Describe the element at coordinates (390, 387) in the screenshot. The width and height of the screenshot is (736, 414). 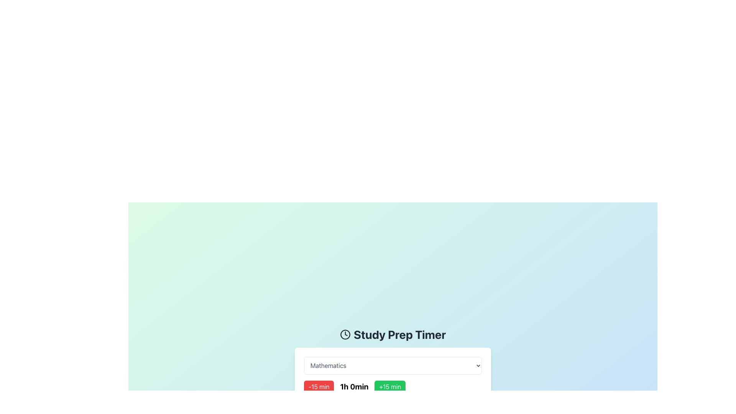
I see `the green rounded rectangular button labeled '+15 min' at the far right of the horizontal grouping to increase the timer by 15 minutes` at that location.